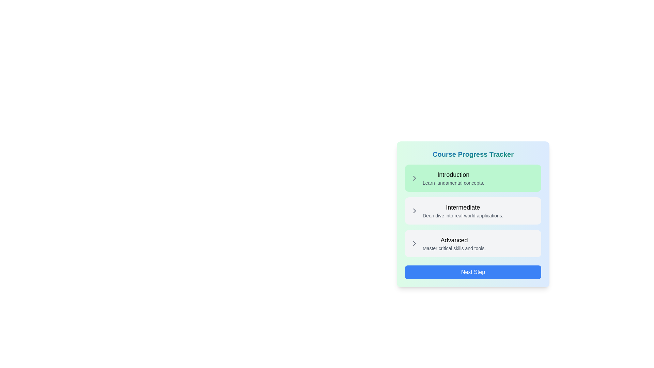 The height and width of the screenshot is (368, 654). I want to click on the interactive card representing a selectable step in the course progress tracker for navigation or interaction, so click(472, 210).